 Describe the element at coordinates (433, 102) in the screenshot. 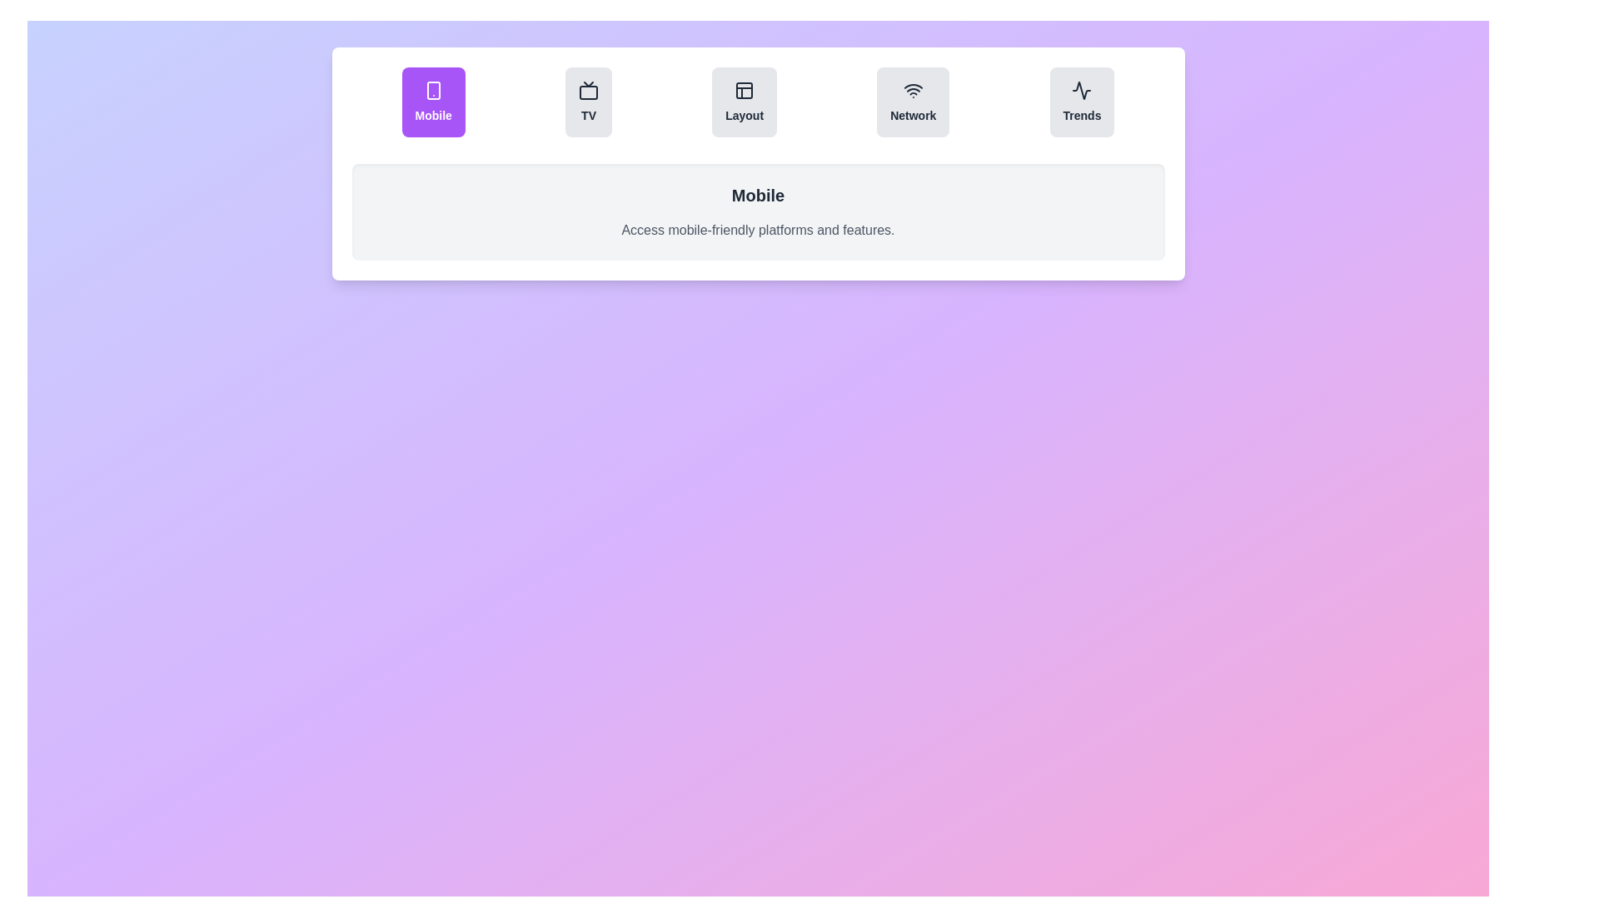

I see `the first button in the horizontal row that serves as a navigational option related to 'Mobile'` at that location.